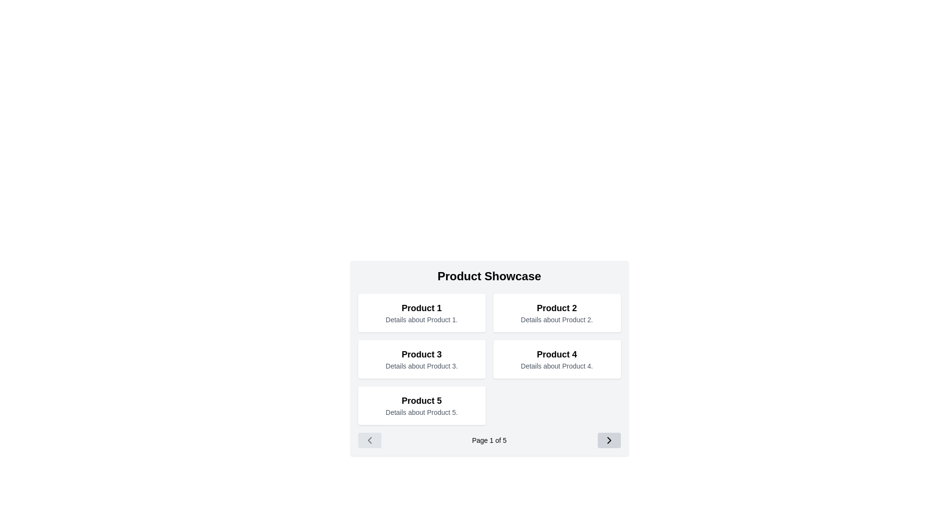 This screenshot has width=927, height=521. I want to click on the SVG icon within the rounded button located in the navigation bar on the far-left side to observe the hover effect, so click(369, 440).